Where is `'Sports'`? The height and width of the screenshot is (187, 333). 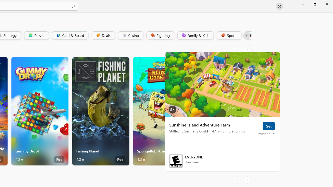 'Sports' is located at coordinates (229, 35).